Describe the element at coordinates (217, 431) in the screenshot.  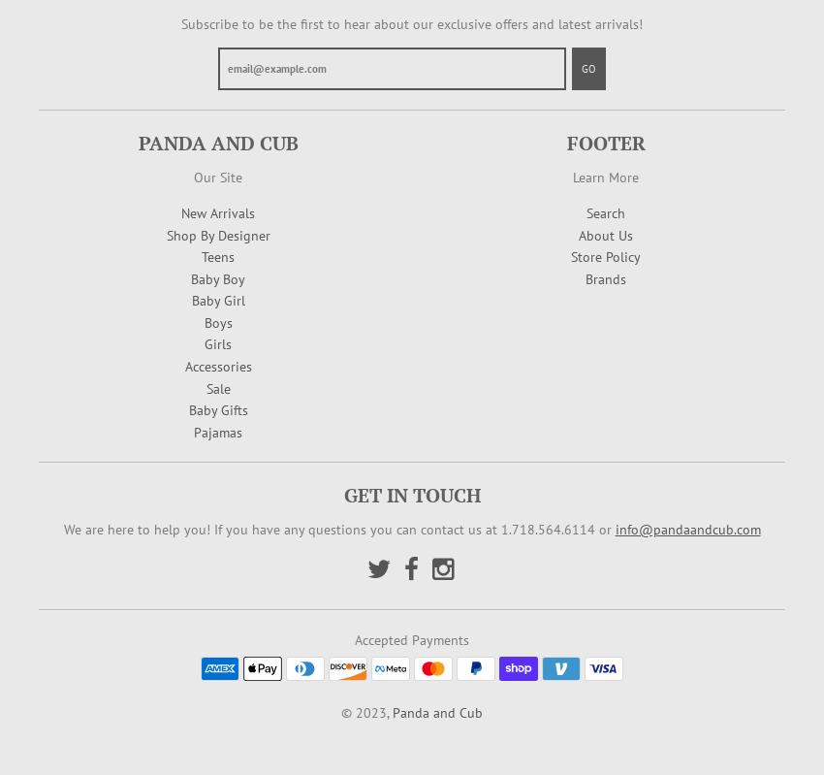
I see `'Pajamas'` at that location.